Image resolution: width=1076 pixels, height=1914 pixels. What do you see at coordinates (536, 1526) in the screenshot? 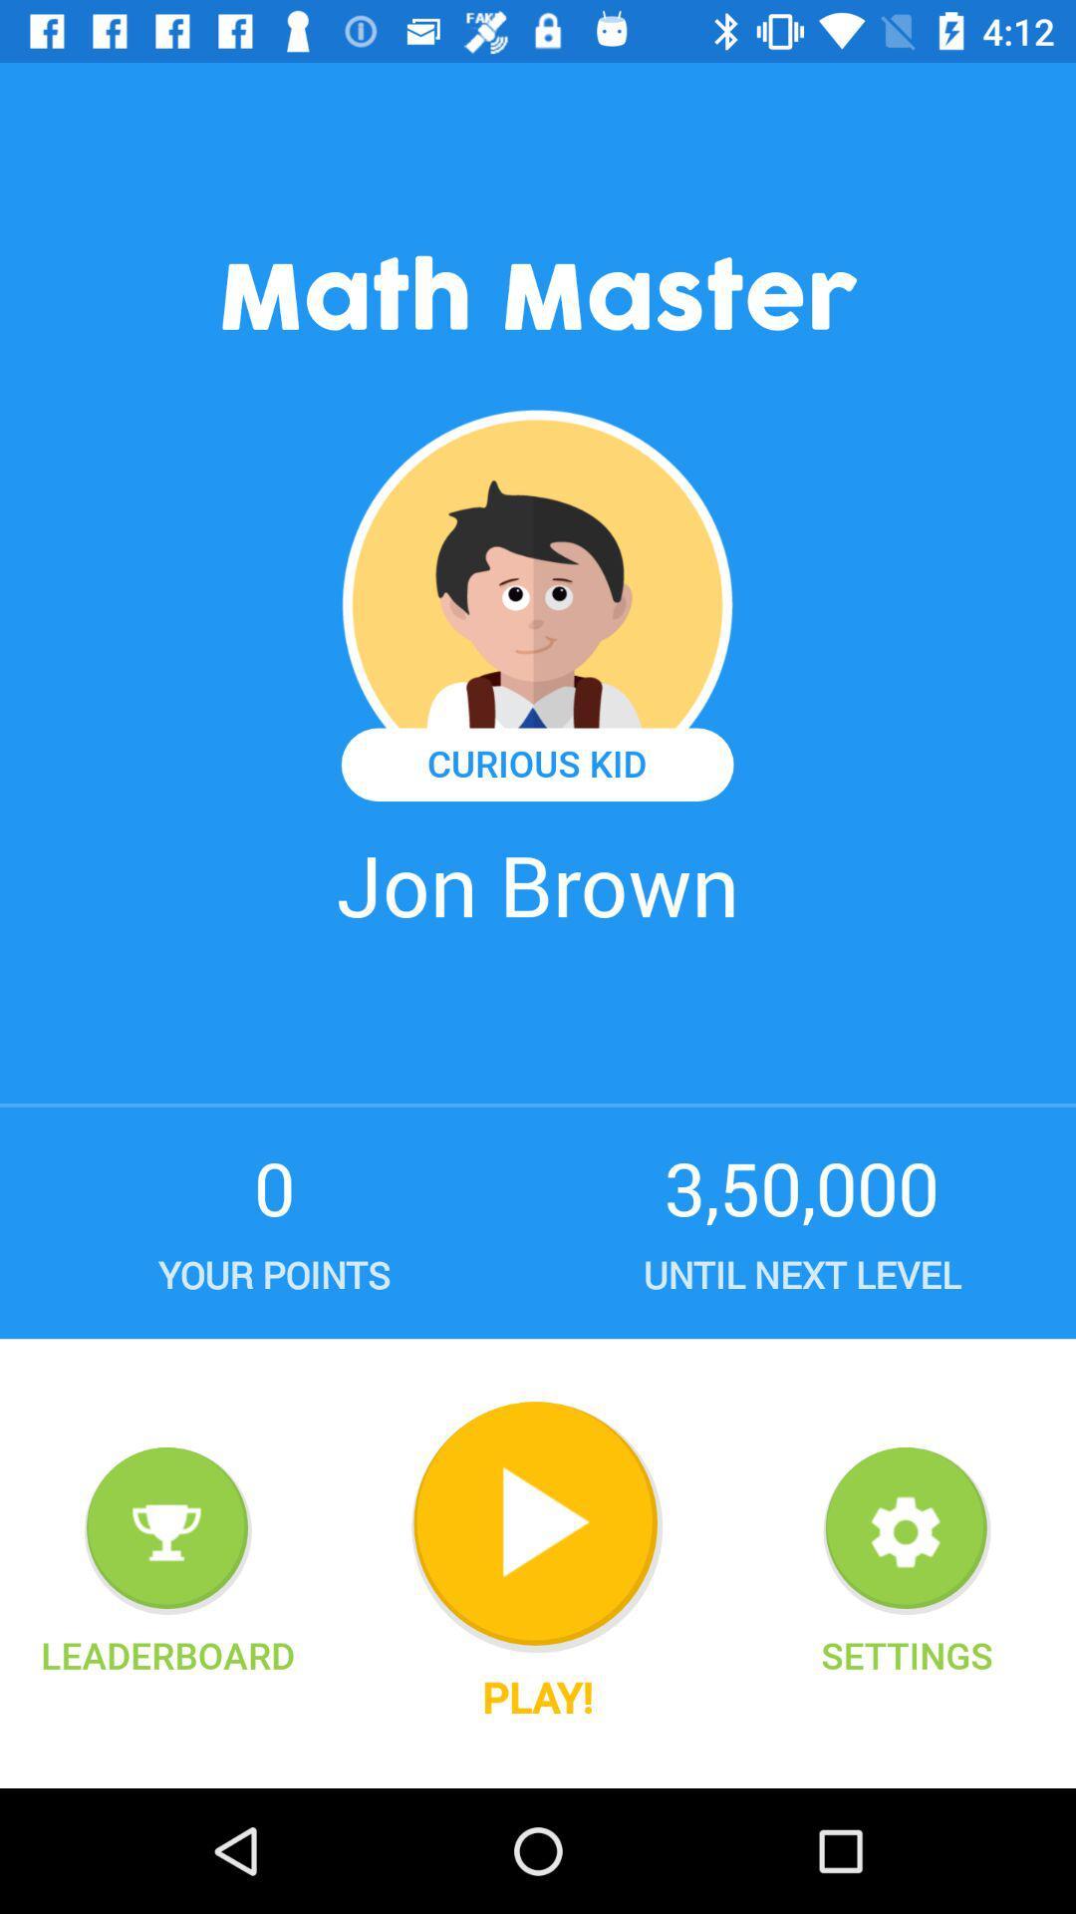
I see `item to the left of settings item` at bounding box center [536, 1526].